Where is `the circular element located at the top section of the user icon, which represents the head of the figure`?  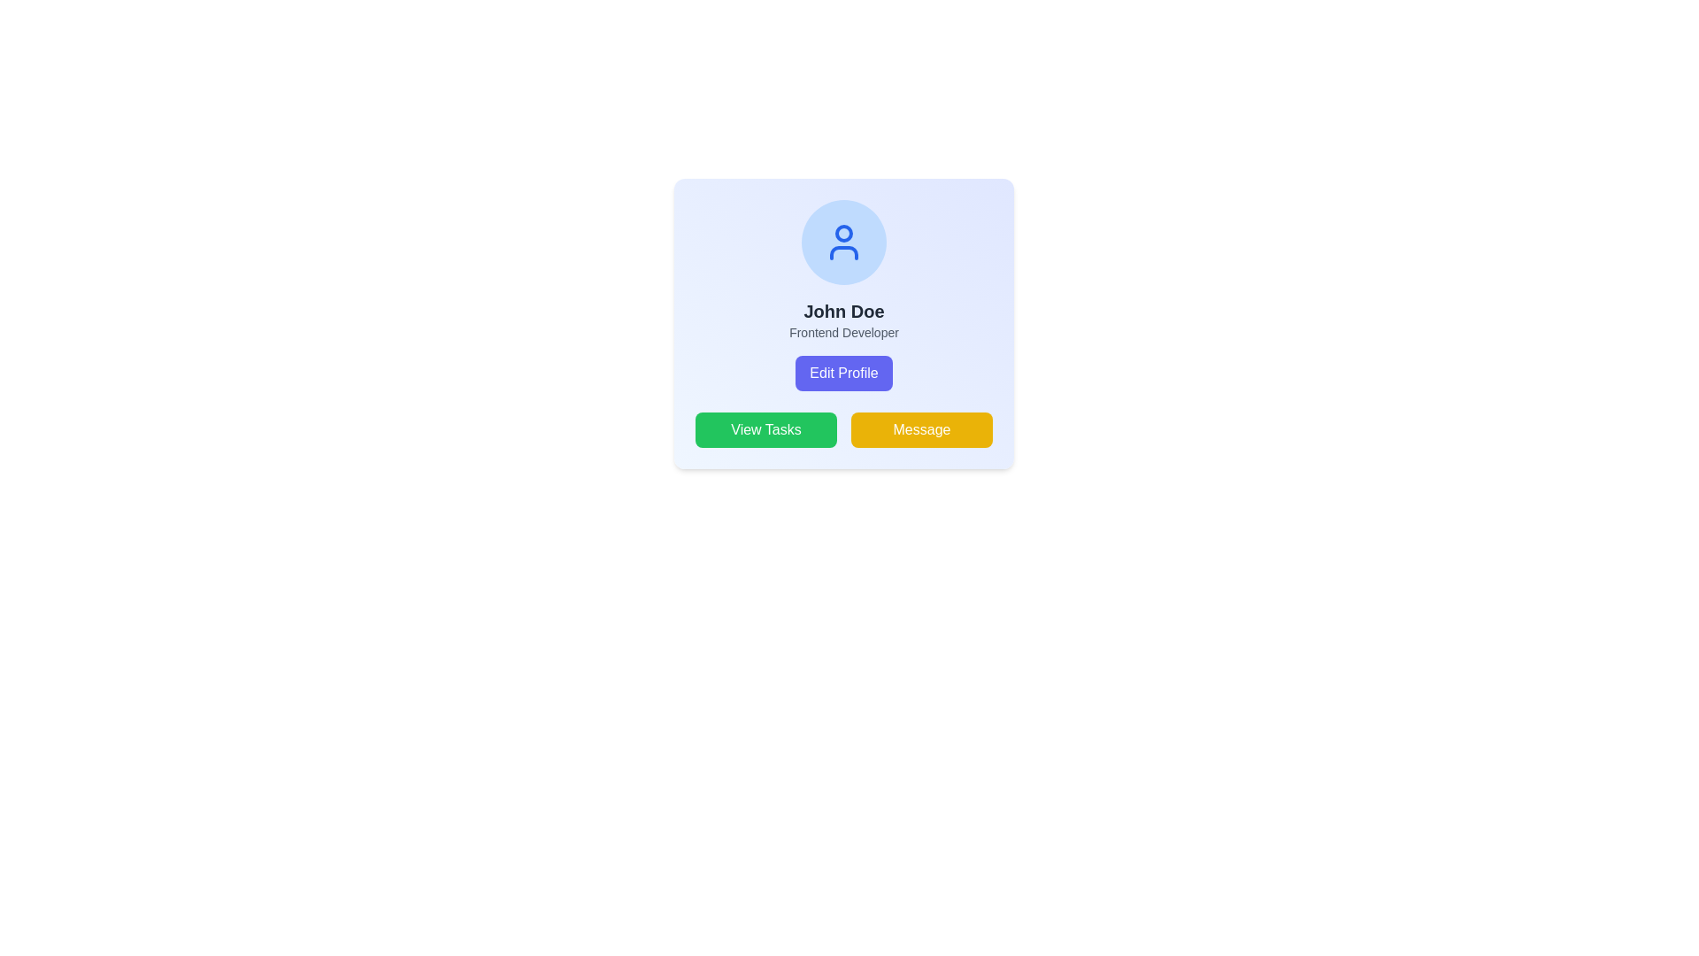 the circular element located at the top section of the user icon, which represents the head of the figure is located at coordinates (843, 232).